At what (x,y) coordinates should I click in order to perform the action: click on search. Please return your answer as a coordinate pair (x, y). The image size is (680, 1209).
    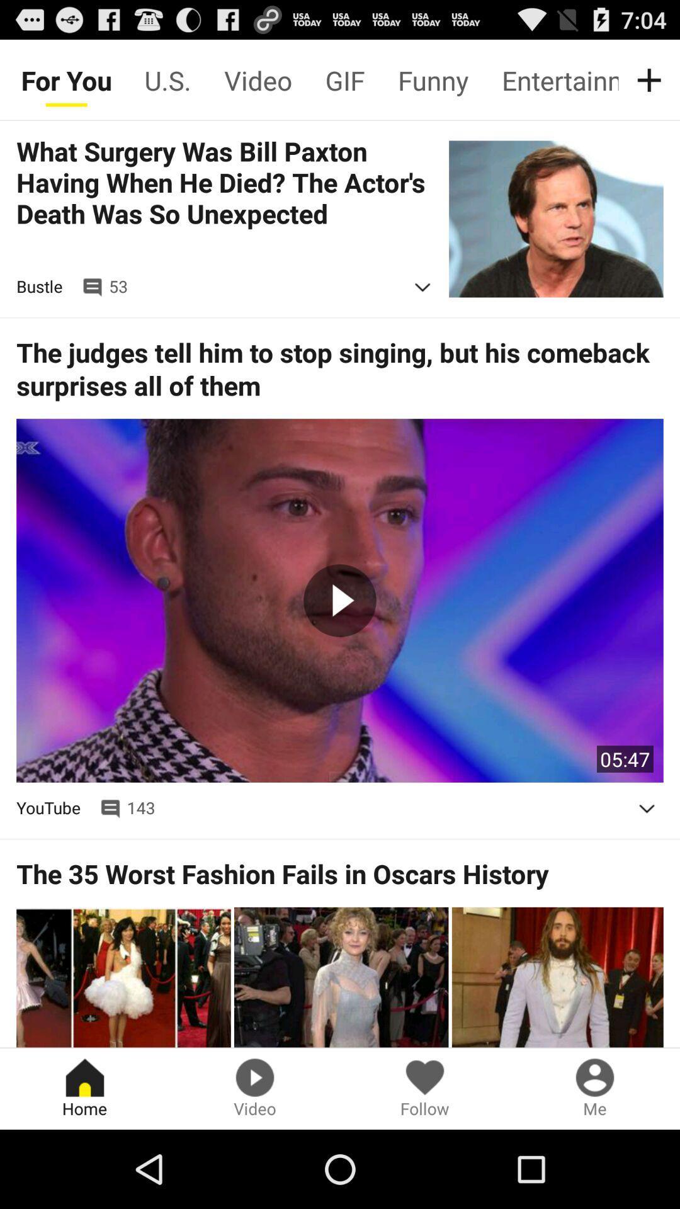
    Looking at the image, I should click on (652, 79).